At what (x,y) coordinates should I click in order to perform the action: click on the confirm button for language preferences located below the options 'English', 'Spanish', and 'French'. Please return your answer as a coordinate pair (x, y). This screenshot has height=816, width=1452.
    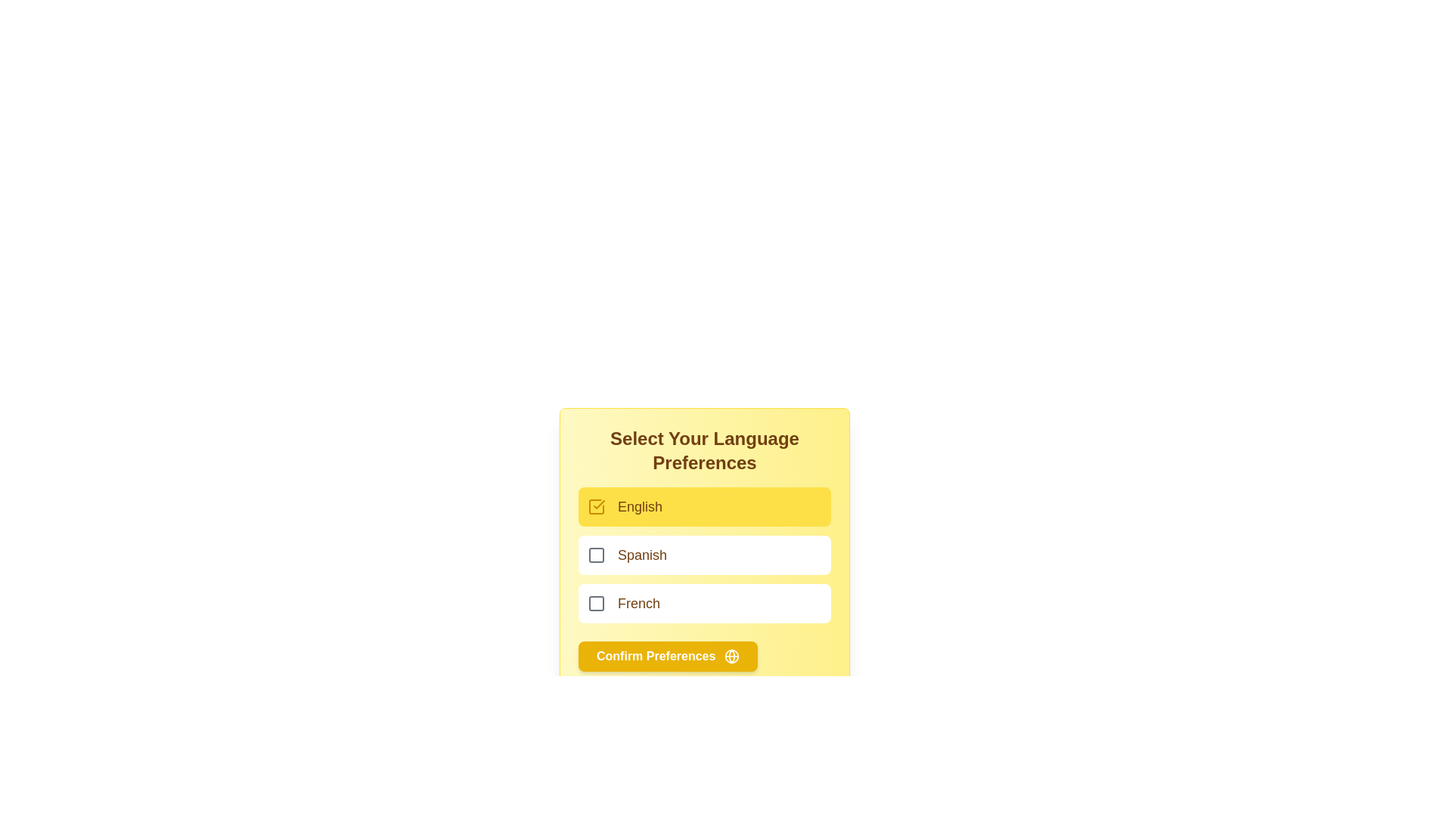
    Looking at the image, I should click on (703, 655).